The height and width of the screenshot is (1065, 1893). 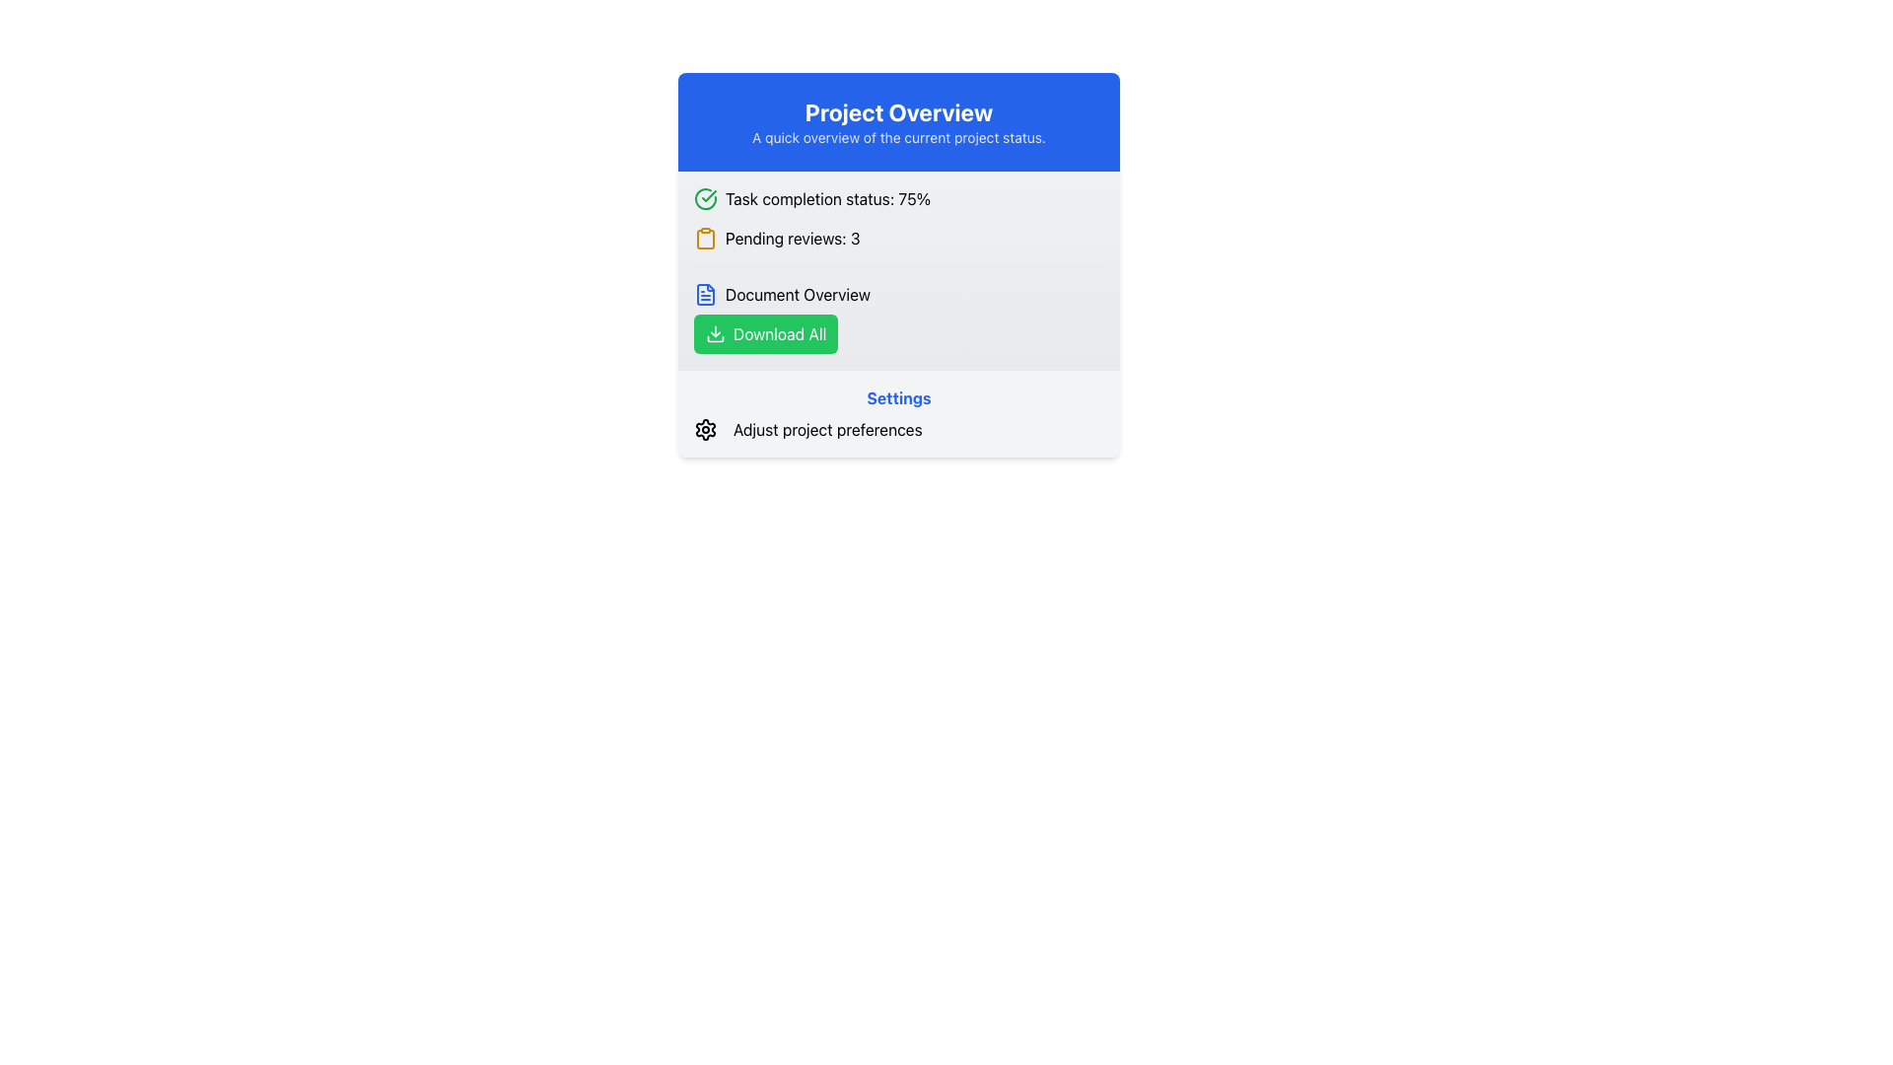 I want to click on the icon associated with the 'Document Overview' label, located in the 'Project Overview' section, so click(x=705, y=295).